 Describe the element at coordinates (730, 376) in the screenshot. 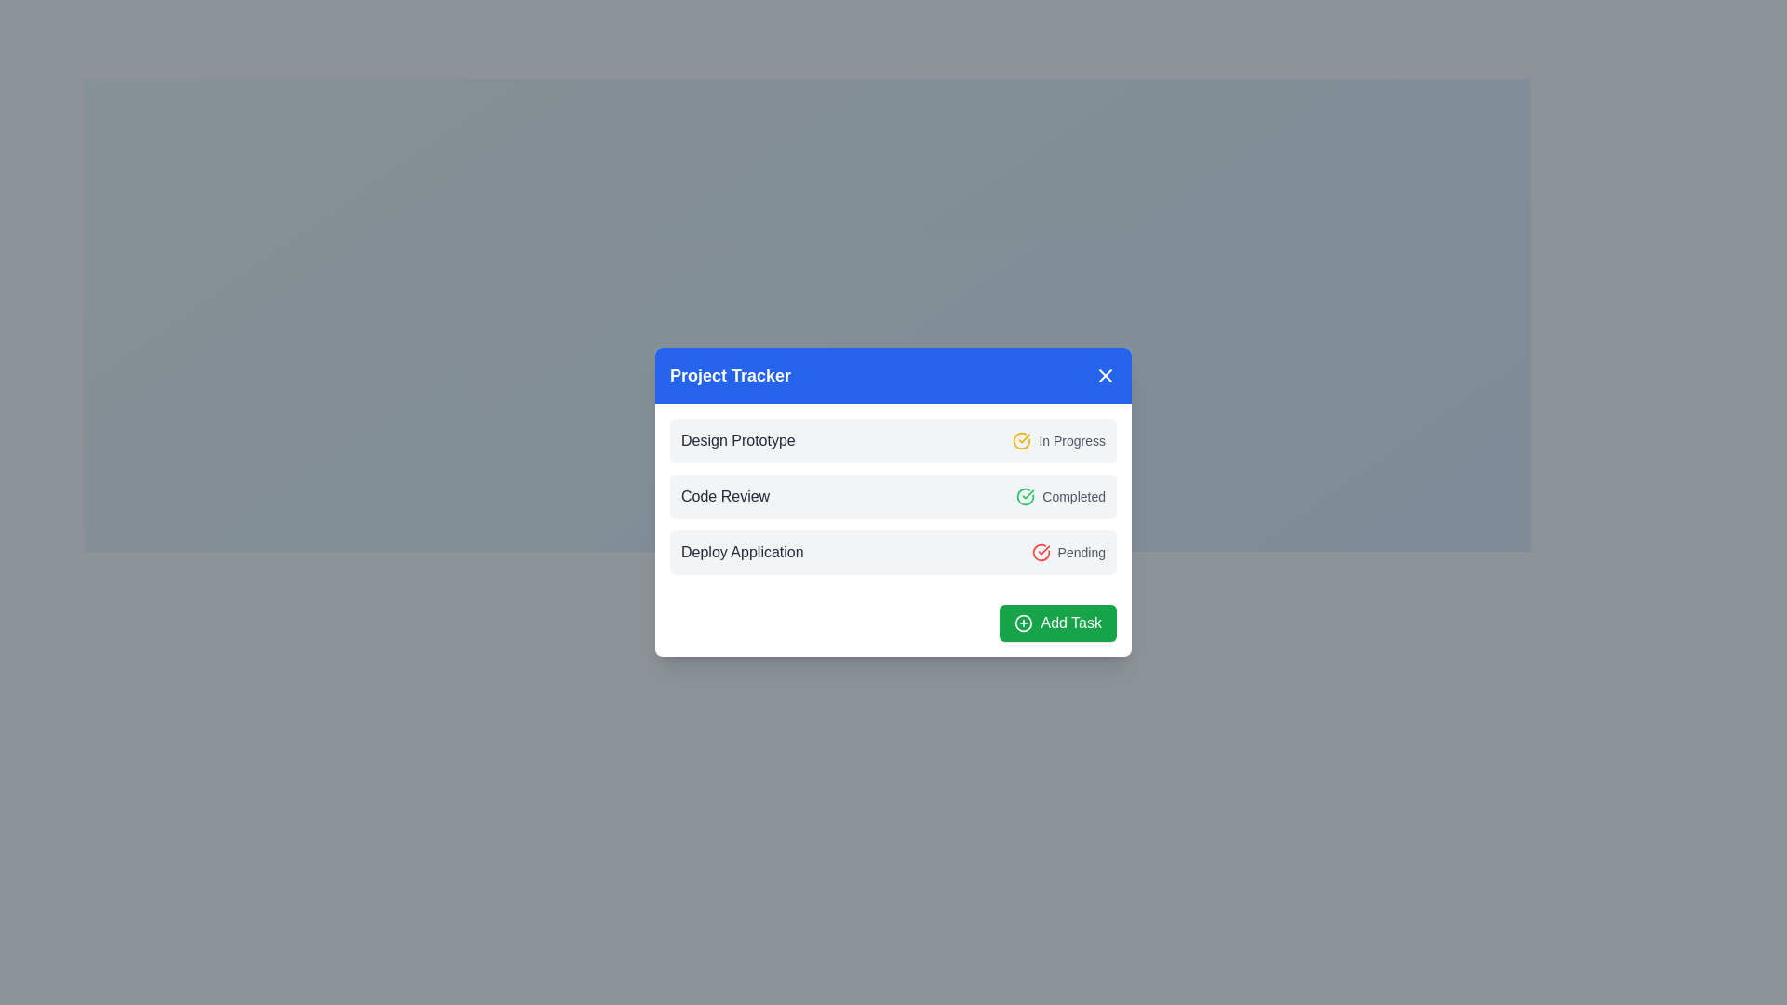

I see `the static text label that serves as the title for the project tracking interface, located in the center-left area of the blue header bar at the top of the popup` at that location.